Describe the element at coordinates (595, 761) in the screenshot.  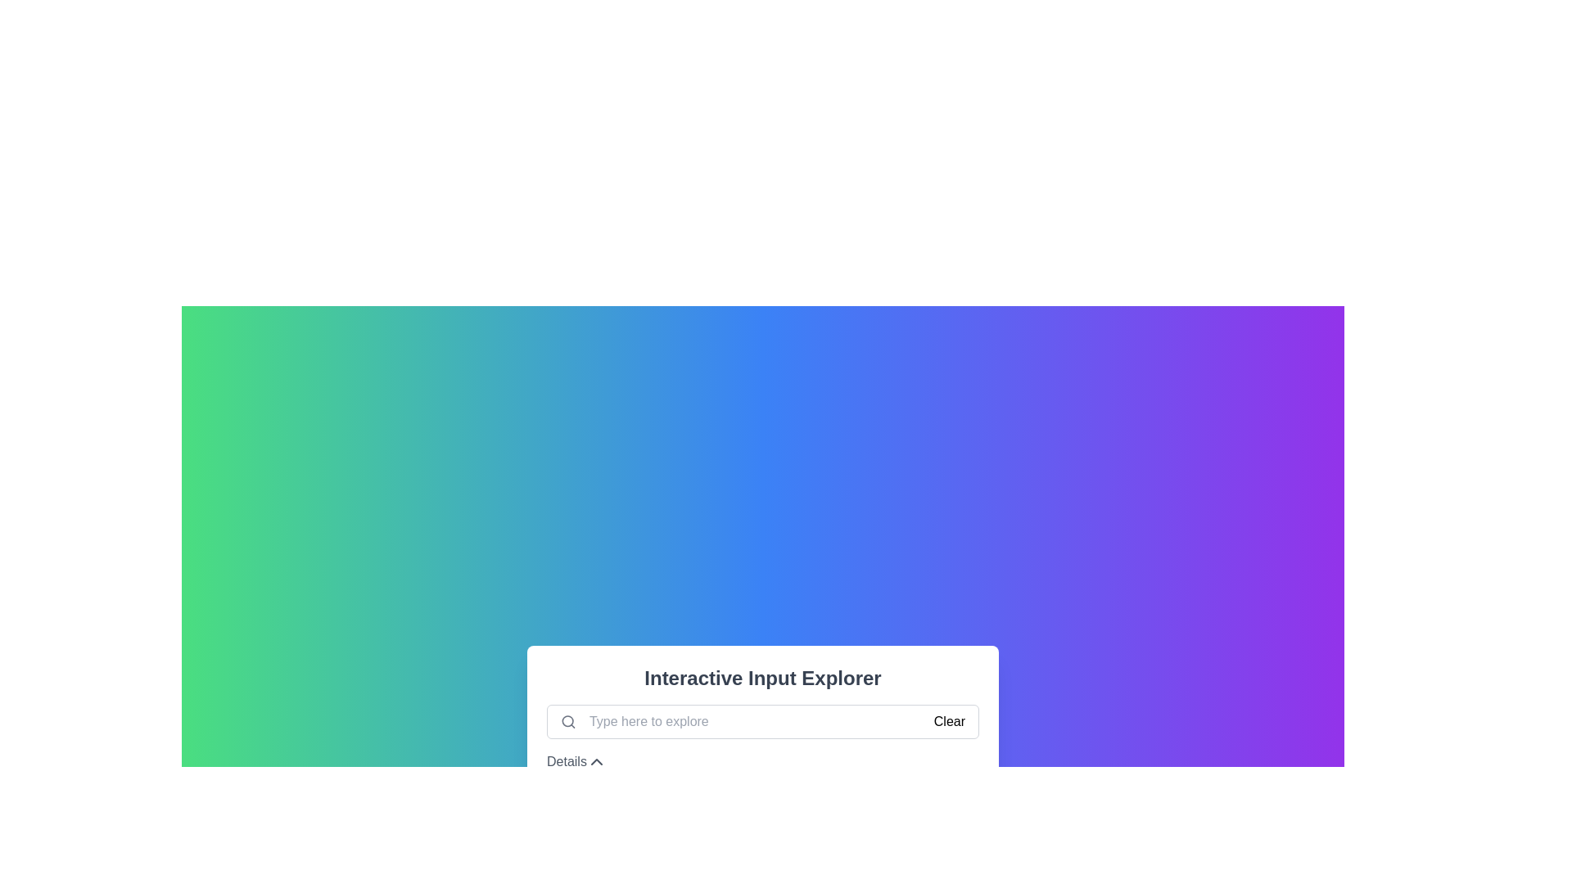
I see `the small, upward-pointing chevron icon located to the right of the 'Details' text in the 'Interactive Input Explorer' section` at that location.